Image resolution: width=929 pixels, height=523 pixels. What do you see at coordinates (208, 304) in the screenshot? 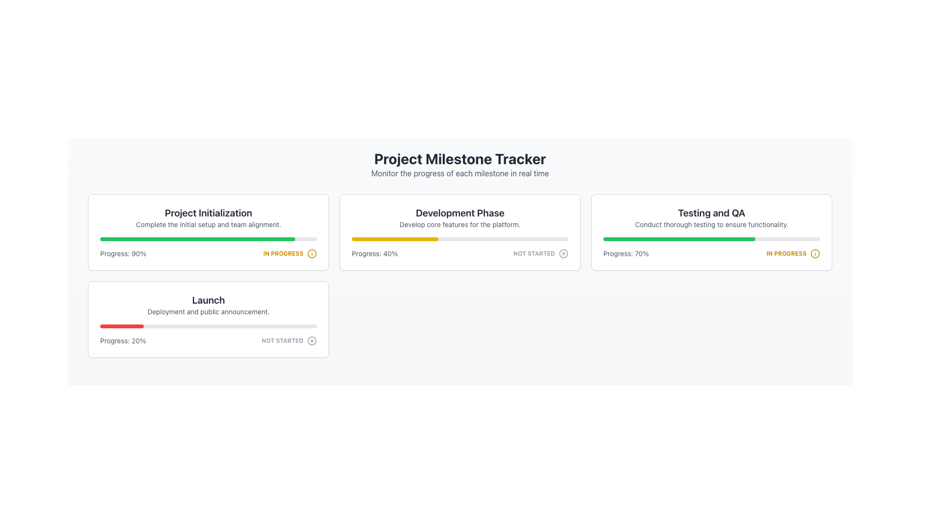
I see `the 'Launch' text display element, which serves as the descriptive header for the milestone, located in the center of the third milestone card` at bounding box center [208, 304].